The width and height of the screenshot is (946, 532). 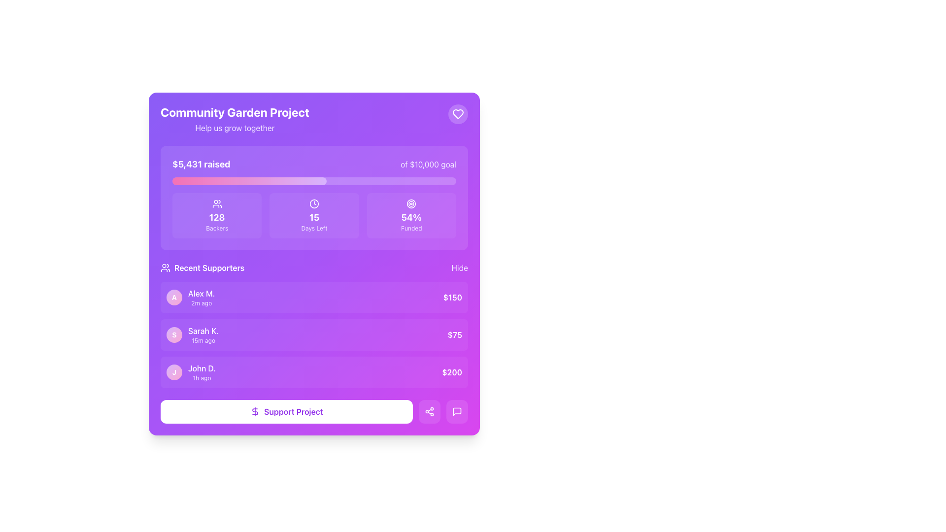 I want to click on the text element that reads 'Help us grow together,' which is styled in purple text on a purple background and positioned directly below 'Community Garden Project.', so click(x=234, y=127).